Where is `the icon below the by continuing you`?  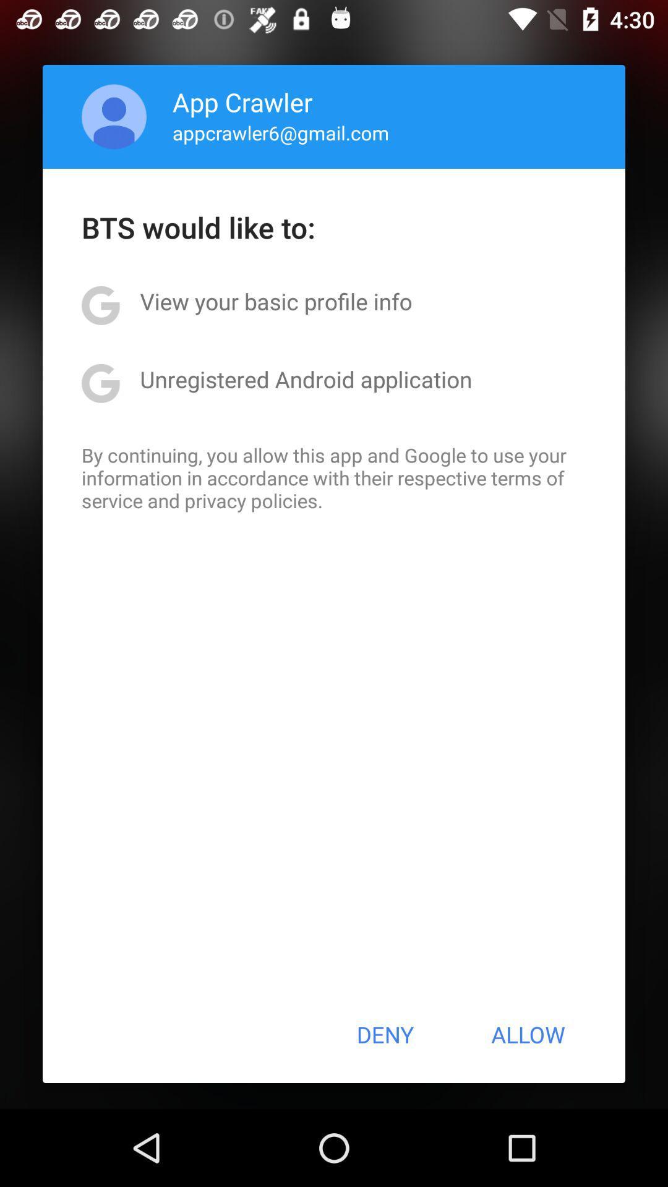
the icon below the by continuing you is located at coordinates (384, 1034).